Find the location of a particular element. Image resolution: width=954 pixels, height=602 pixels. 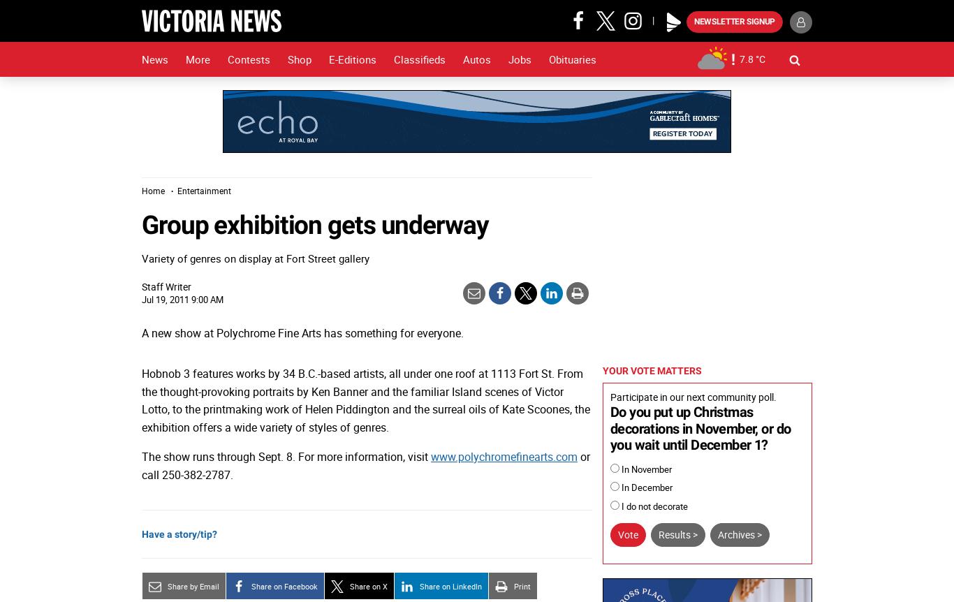

'www.polychromefinearts.com' is located at coordinates (504, 455).